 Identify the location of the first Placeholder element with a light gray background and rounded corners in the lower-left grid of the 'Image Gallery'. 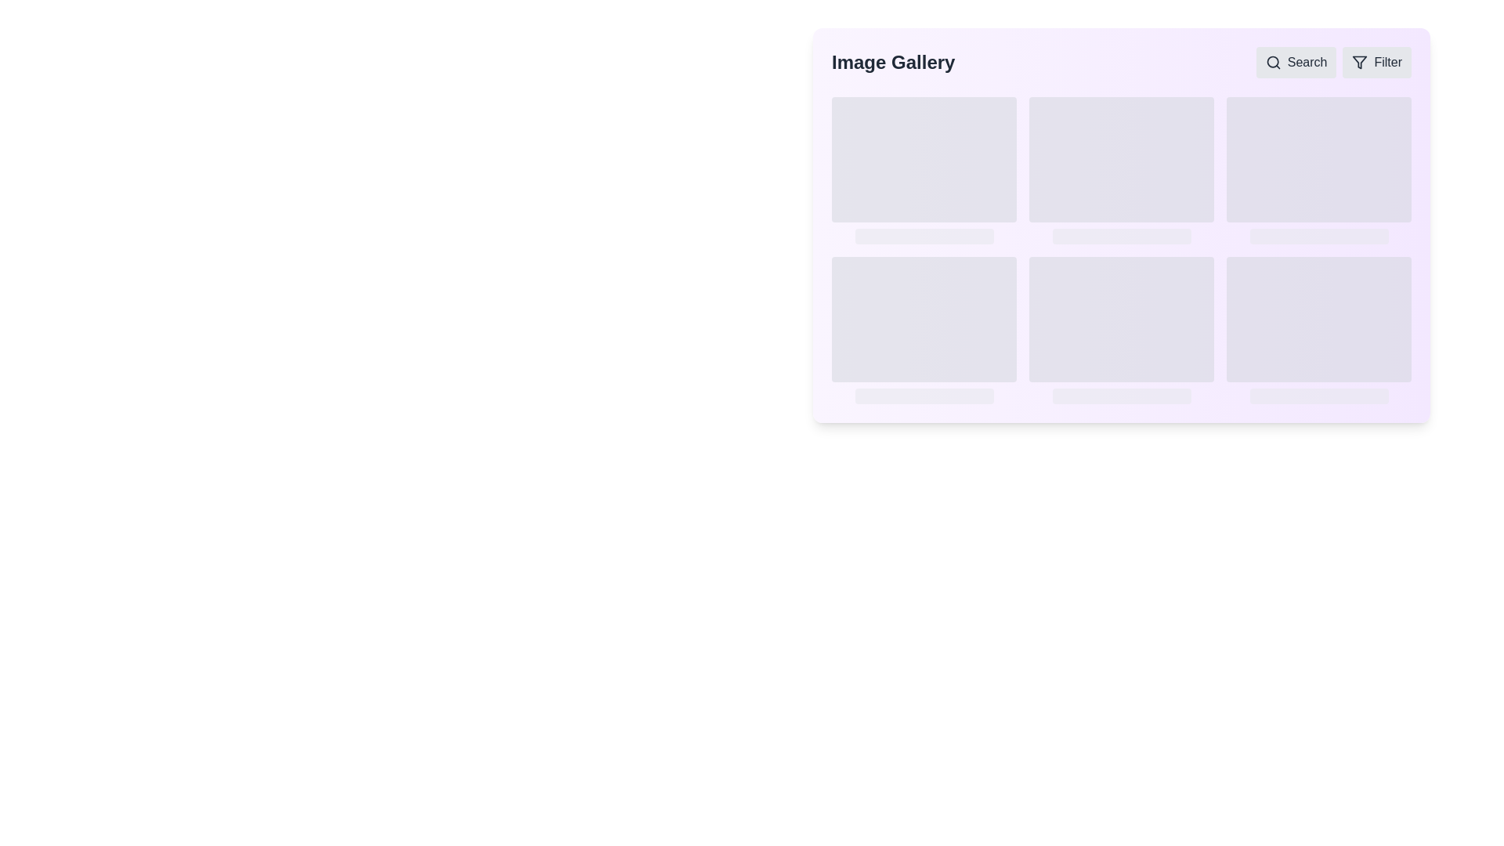
(924, 319).